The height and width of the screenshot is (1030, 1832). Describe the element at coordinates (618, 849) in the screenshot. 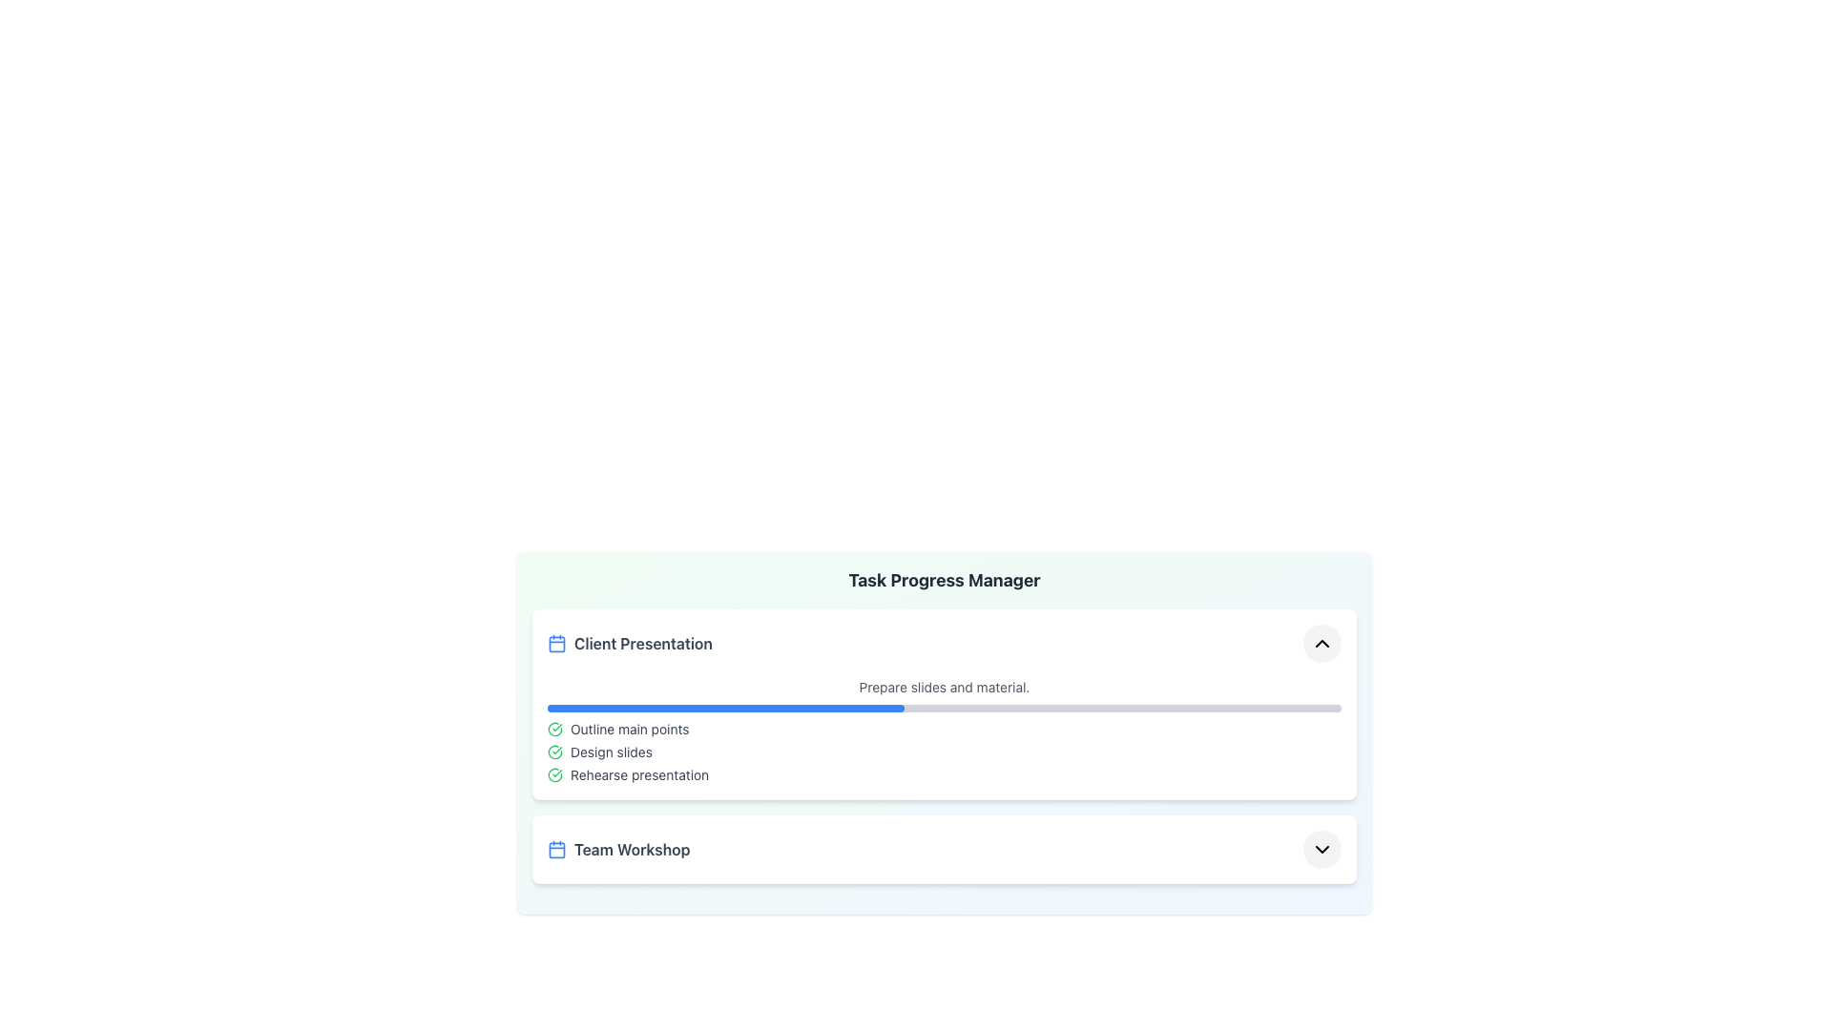

I see `the 'Team Workshop' text label with a blue calendar icon` at that location.